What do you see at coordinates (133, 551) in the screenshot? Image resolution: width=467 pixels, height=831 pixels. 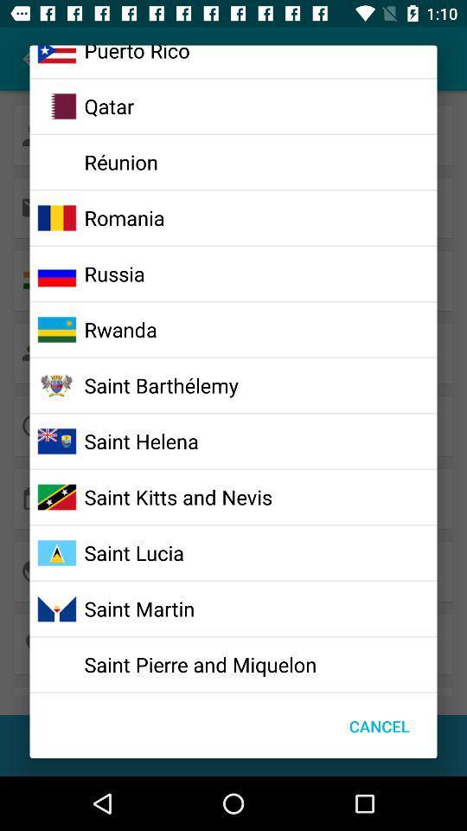 I see `the item above saint martin item` at bounding box center [133, 551].